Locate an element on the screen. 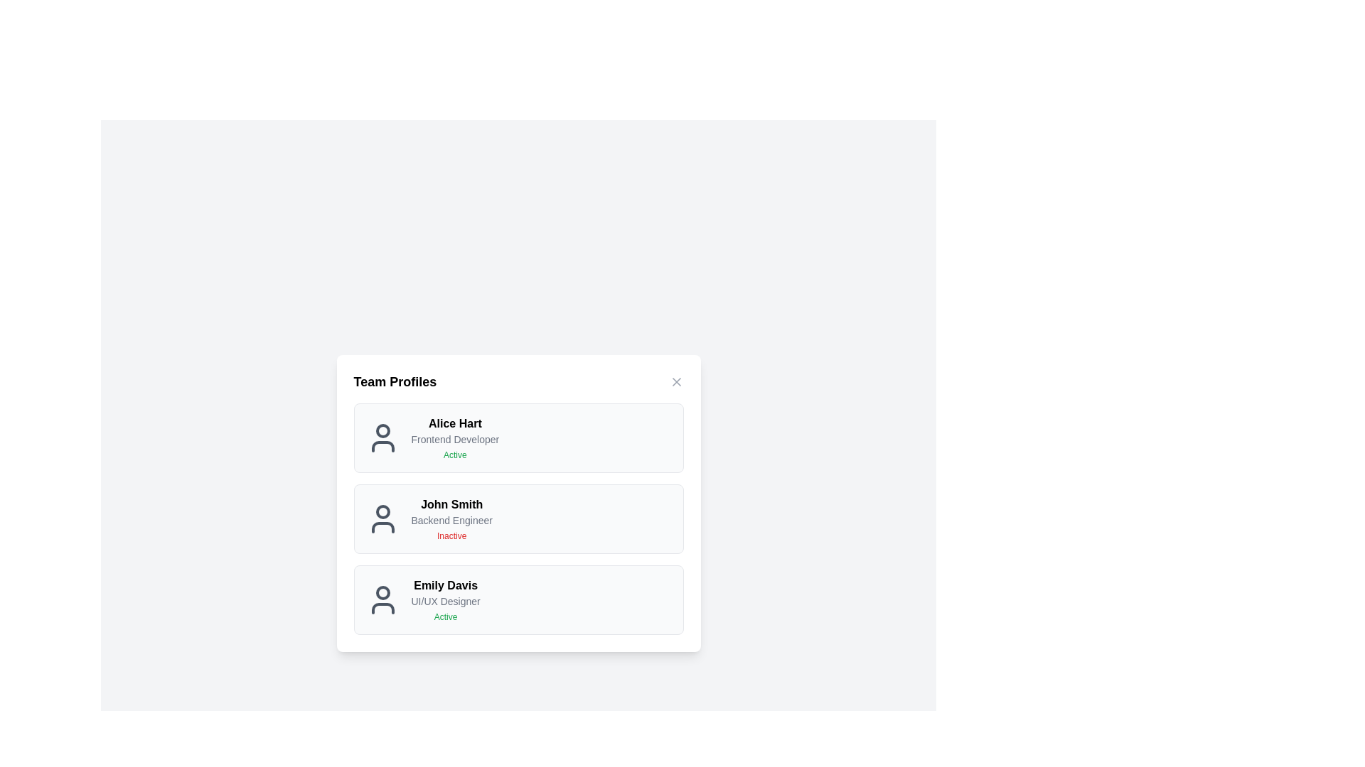 Image resolution: width=1365 pixels, height=767 pixels. the user profile card of Emily Davis is located at coordinates (518, 599).